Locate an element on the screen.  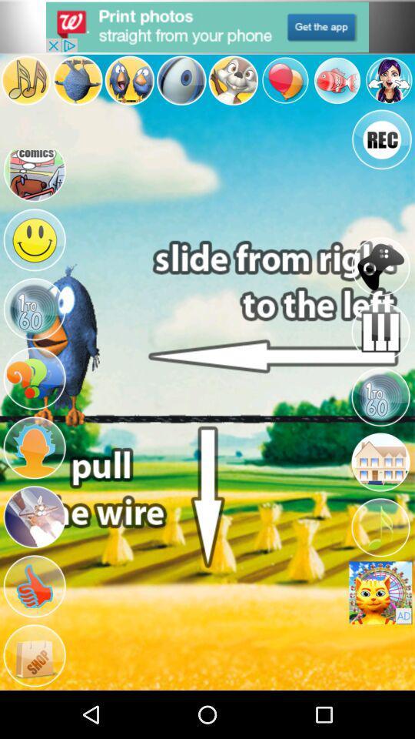
the image which is at the bottom right corner of the screen is located at coordinates (380, 592).